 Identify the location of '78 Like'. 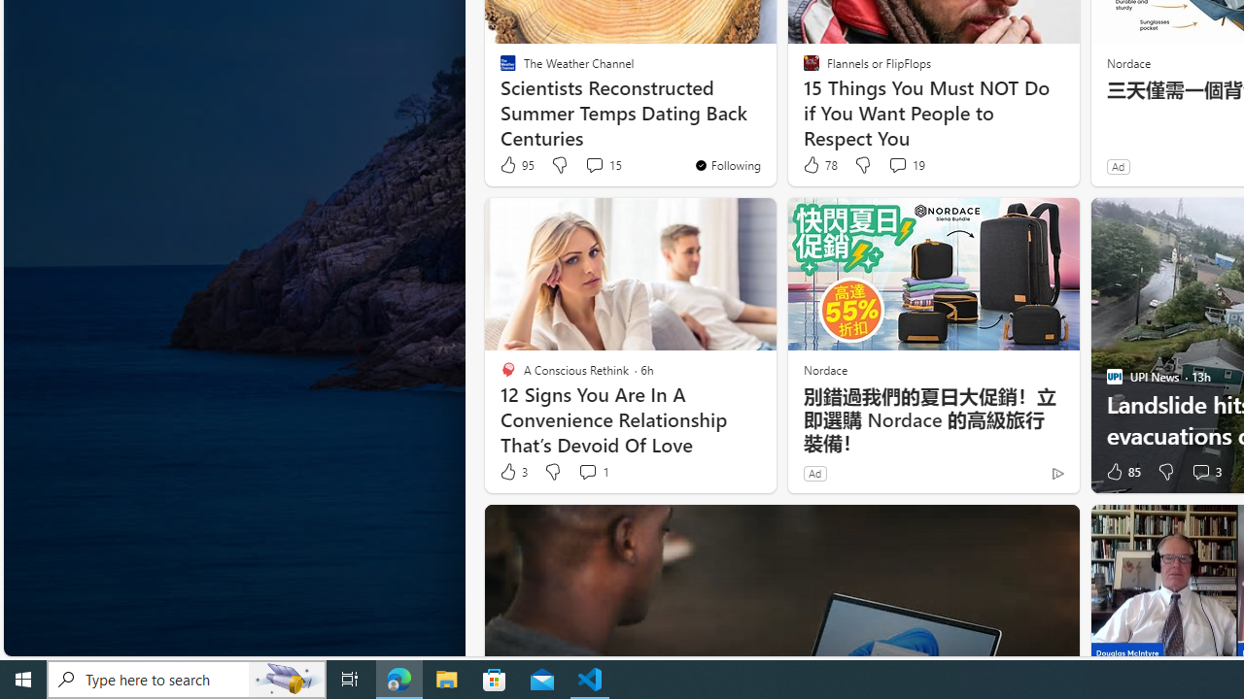
(819, 164).